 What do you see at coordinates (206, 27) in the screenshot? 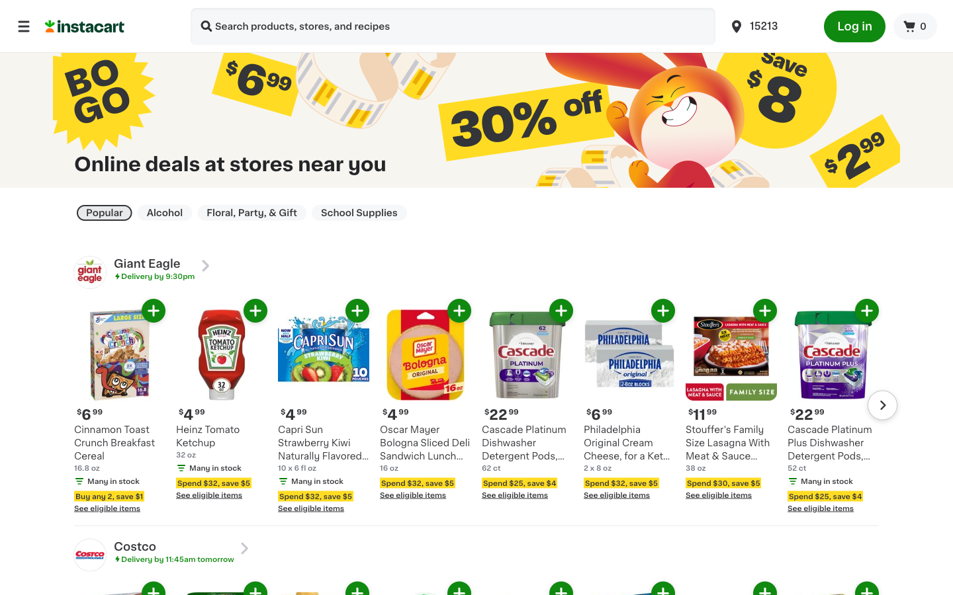
I see `if there are any stores with fast delivery for Hand Sanitizers` at bounding box center [206, 27].